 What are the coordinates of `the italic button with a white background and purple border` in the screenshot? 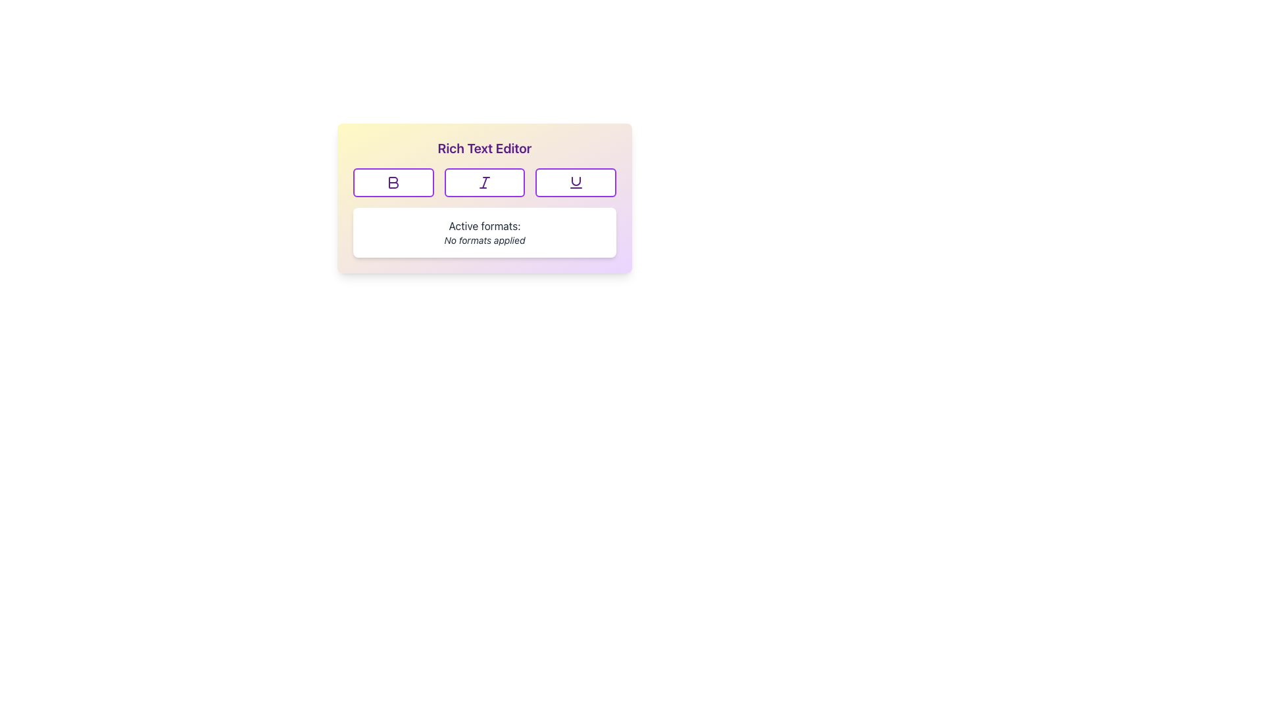 It's located at (483, 182).